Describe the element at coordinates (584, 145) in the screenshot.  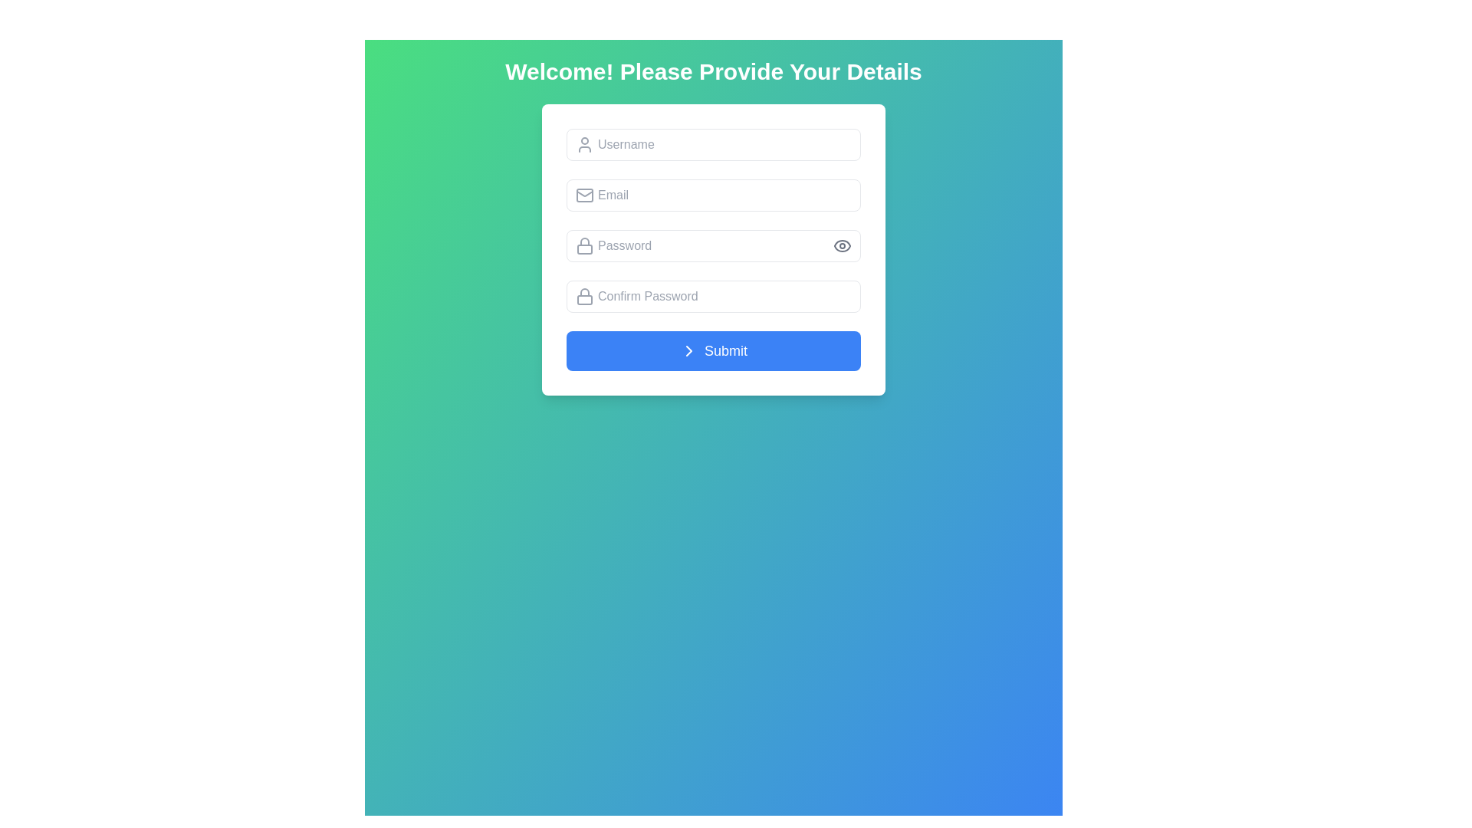
I see `the user profile SVG icon located at the leftmost side of the 'Username' input field in the user details form` at that location.